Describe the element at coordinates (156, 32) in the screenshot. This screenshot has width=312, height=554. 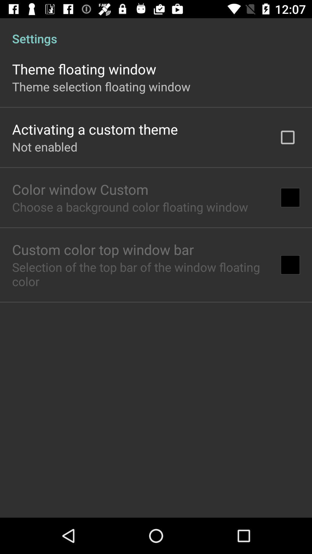
I see `settings` at that location.